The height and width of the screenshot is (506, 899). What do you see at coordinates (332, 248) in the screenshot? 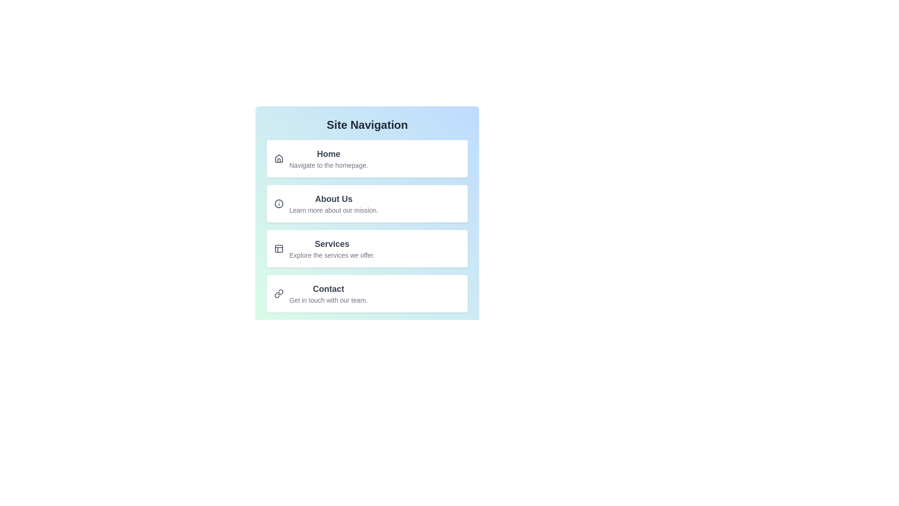
I see `the 'Services' navigation link, which features a large, bold title and a smaller gray subtitle` at bounding box center [332, 248].